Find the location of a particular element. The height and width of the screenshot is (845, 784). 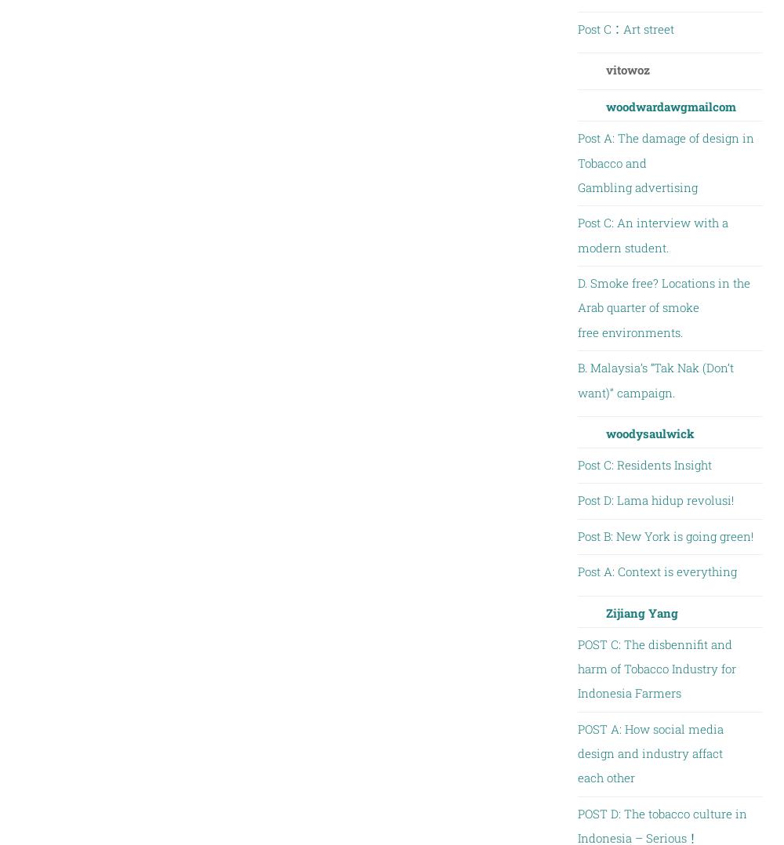

'woodysaulwick' is located at coordinates (648, 432).